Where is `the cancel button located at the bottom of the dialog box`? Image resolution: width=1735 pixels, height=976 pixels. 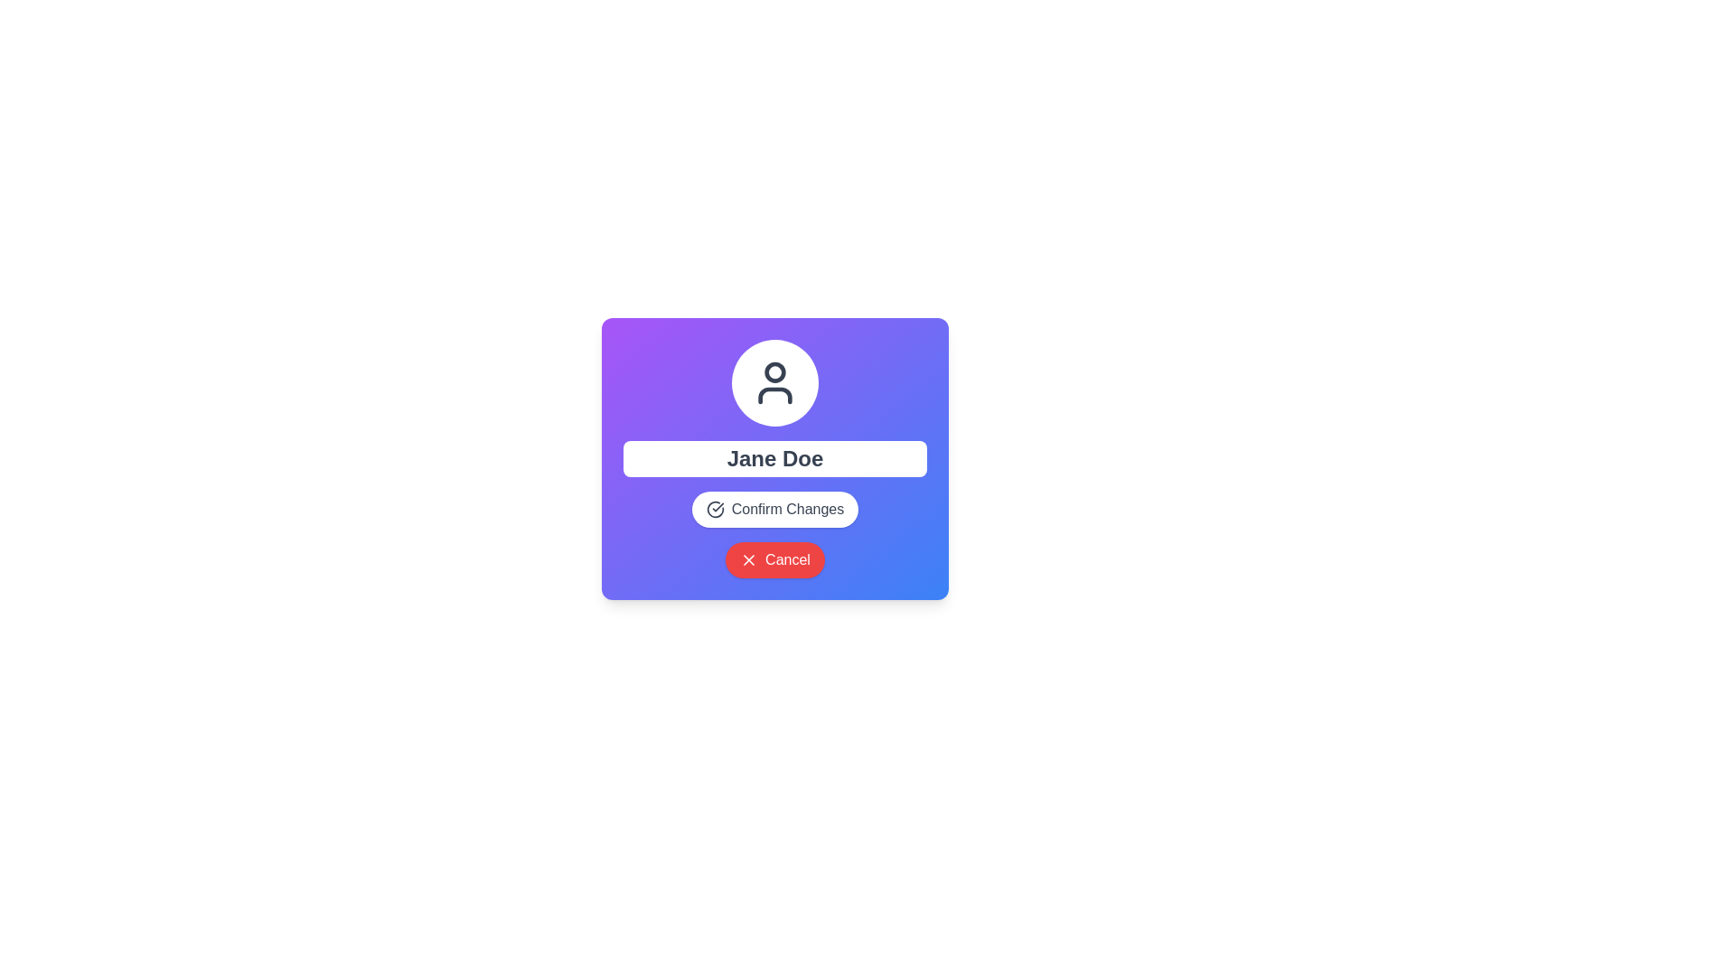 the cancel button located at the bottom of the dialog box is located at coordinates (775, 559).